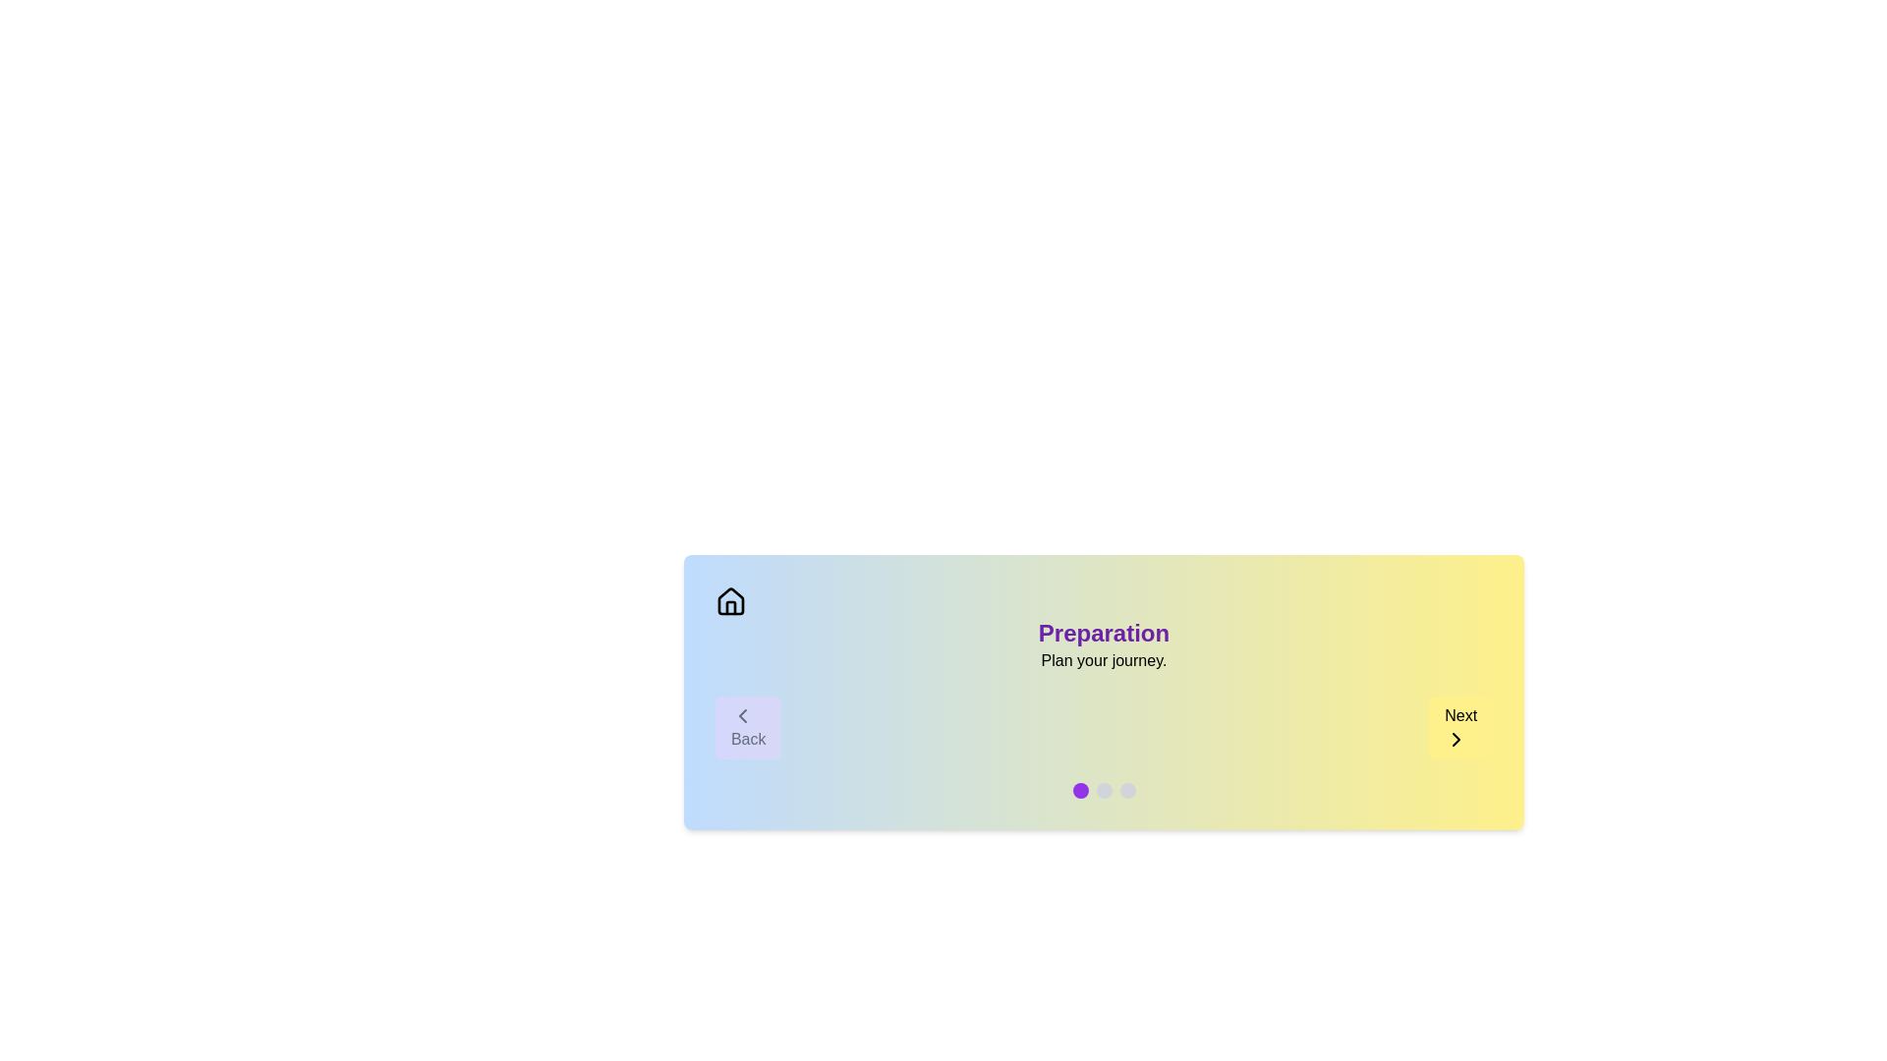  I want to click on the 'Back' button to navigate to the previous step, so click(747, 727).